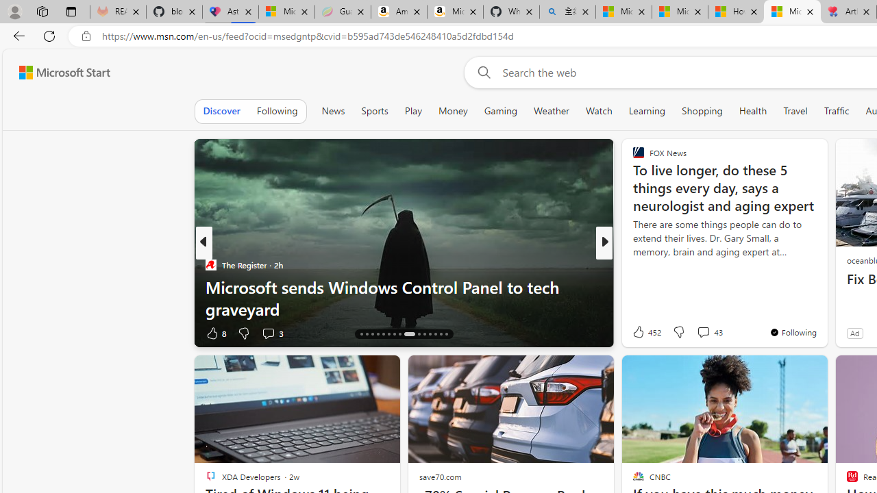 The image size is (877, 493). Describe the element at coordinates (272, 333) in the screenshot. I see `'View comments 3 Comment'` at that location.